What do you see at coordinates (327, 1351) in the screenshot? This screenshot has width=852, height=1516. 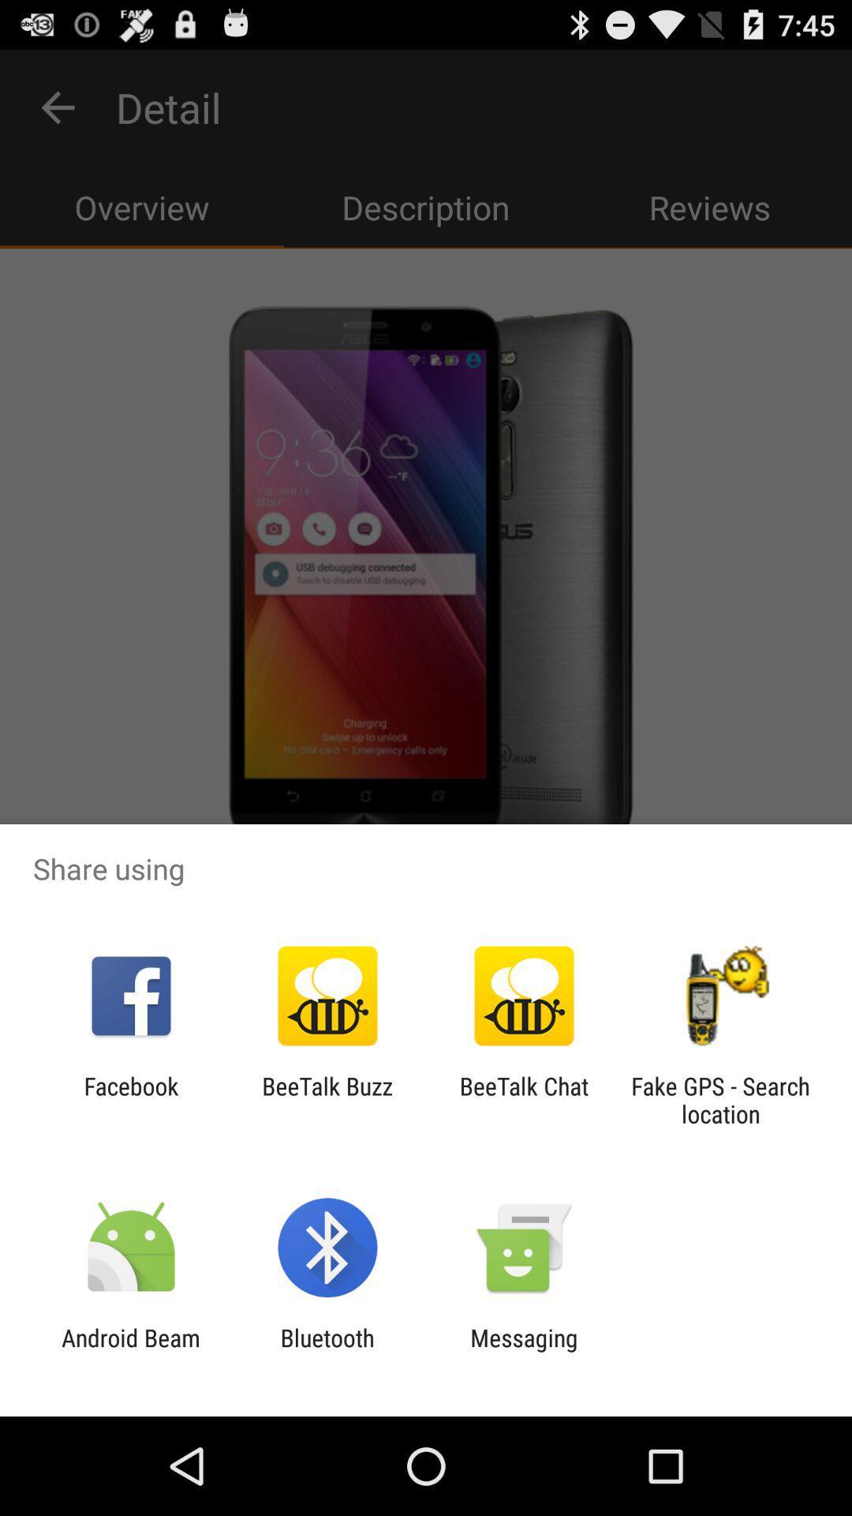 I see `bluetooth icon` at bounding box center [327, 1351].